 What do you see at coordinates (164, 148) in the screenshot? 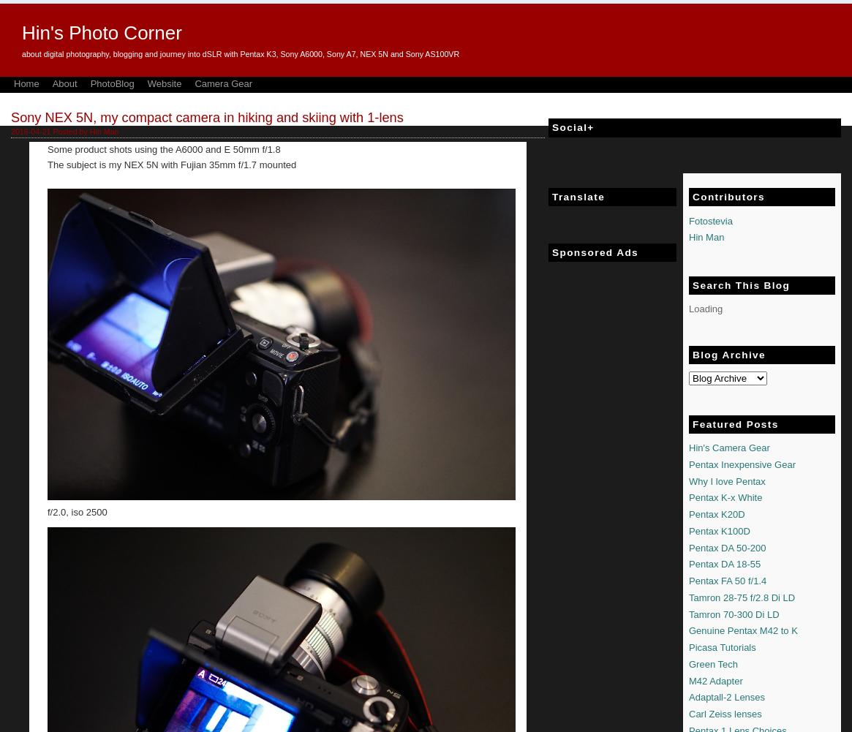
I see `'Some product shots using the A6000 and E 50mm f/1.8'` at bounding box center [164, 148].